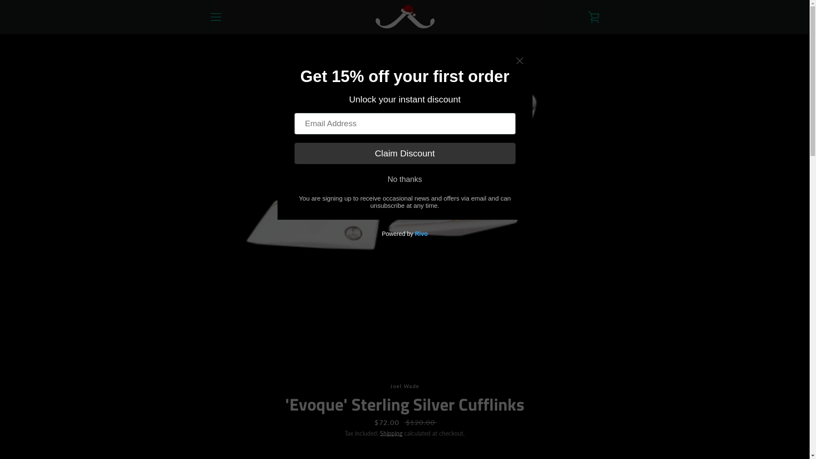 The width and height of the screenshot is (816, 459). What do you see at coordinates (0, 0) in the screenshot?
I see `'Skip to content'` at bounding box center [0, 0].